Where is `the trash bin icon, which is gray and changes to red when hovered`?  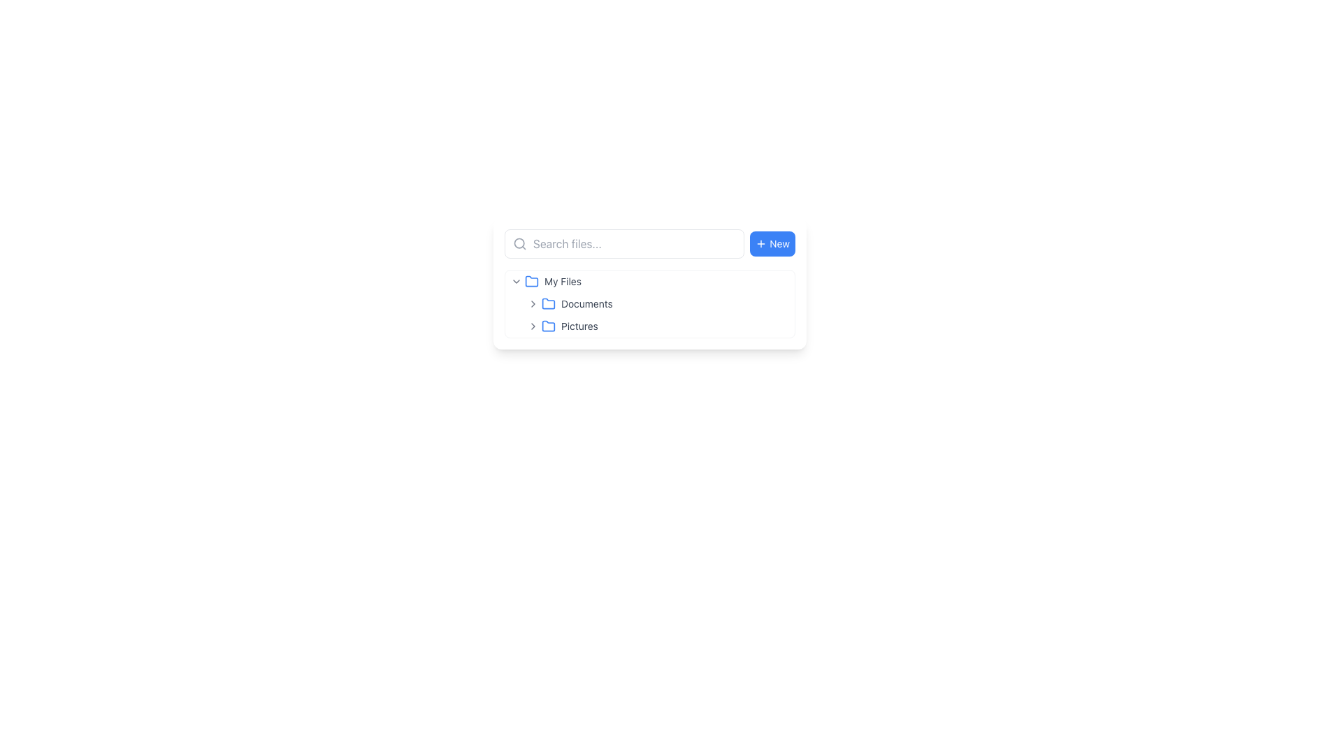 the trash bin icon, which is gray and changes to red when hovered is located at coordinates (784, 326).